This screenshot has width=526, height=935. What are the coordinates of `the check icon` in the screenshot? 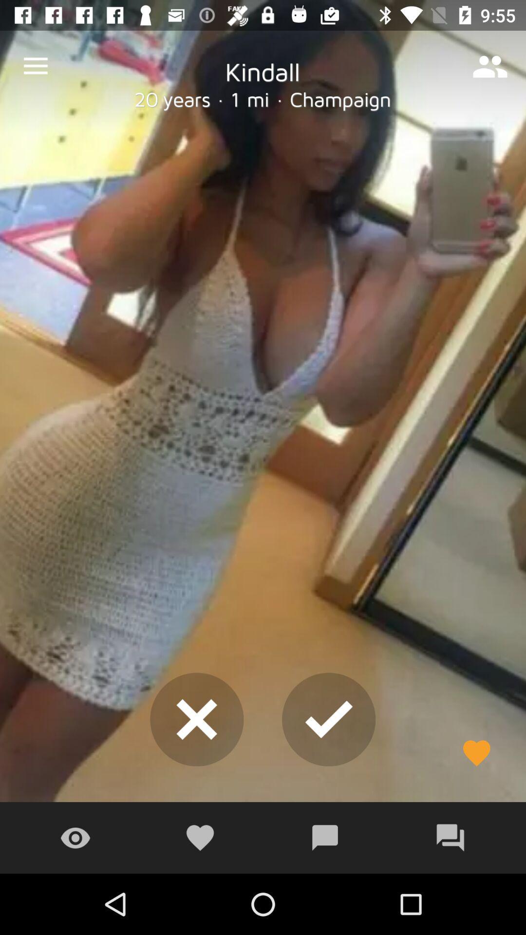 It's located at (329, 719).